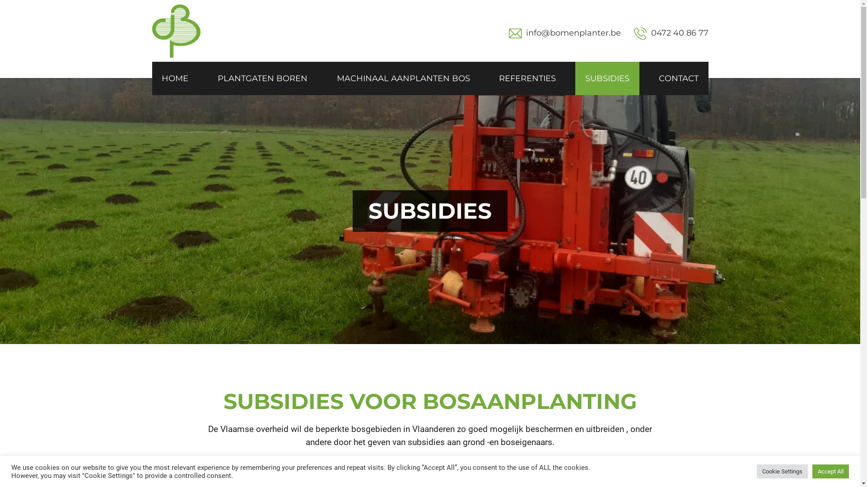 The width and height of the screenshot is (867, 487). What do you see at coordinates (671, 33) in the screenshot?
I see `'0472 40 86 77'` at bounding box center [671, 33].